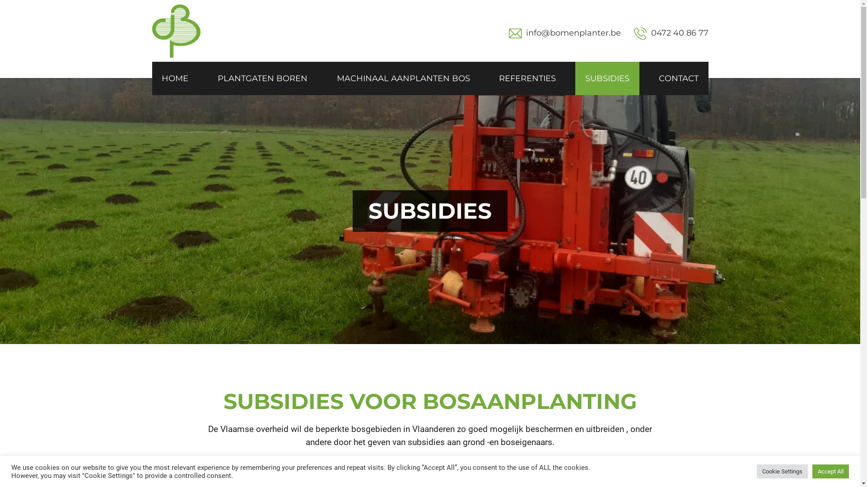 The width and height of the screenshot is (867, 487). What do you see at coordinates (671, 33) in the screenshot?
I see `'0472 40 86 77'` at bounding box center [671, 33].